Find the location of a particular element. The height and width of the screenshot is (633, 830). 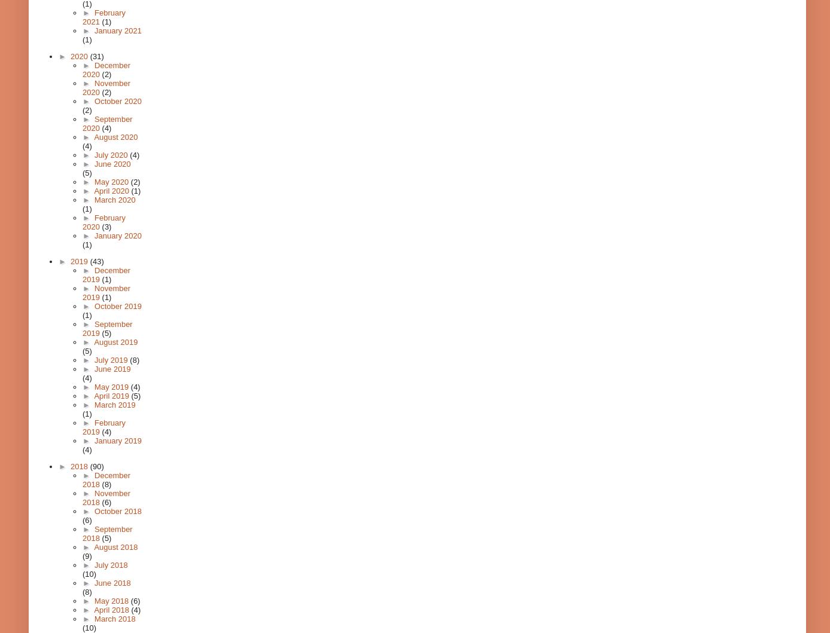

'(43)' is located at coordinates (96, 261).